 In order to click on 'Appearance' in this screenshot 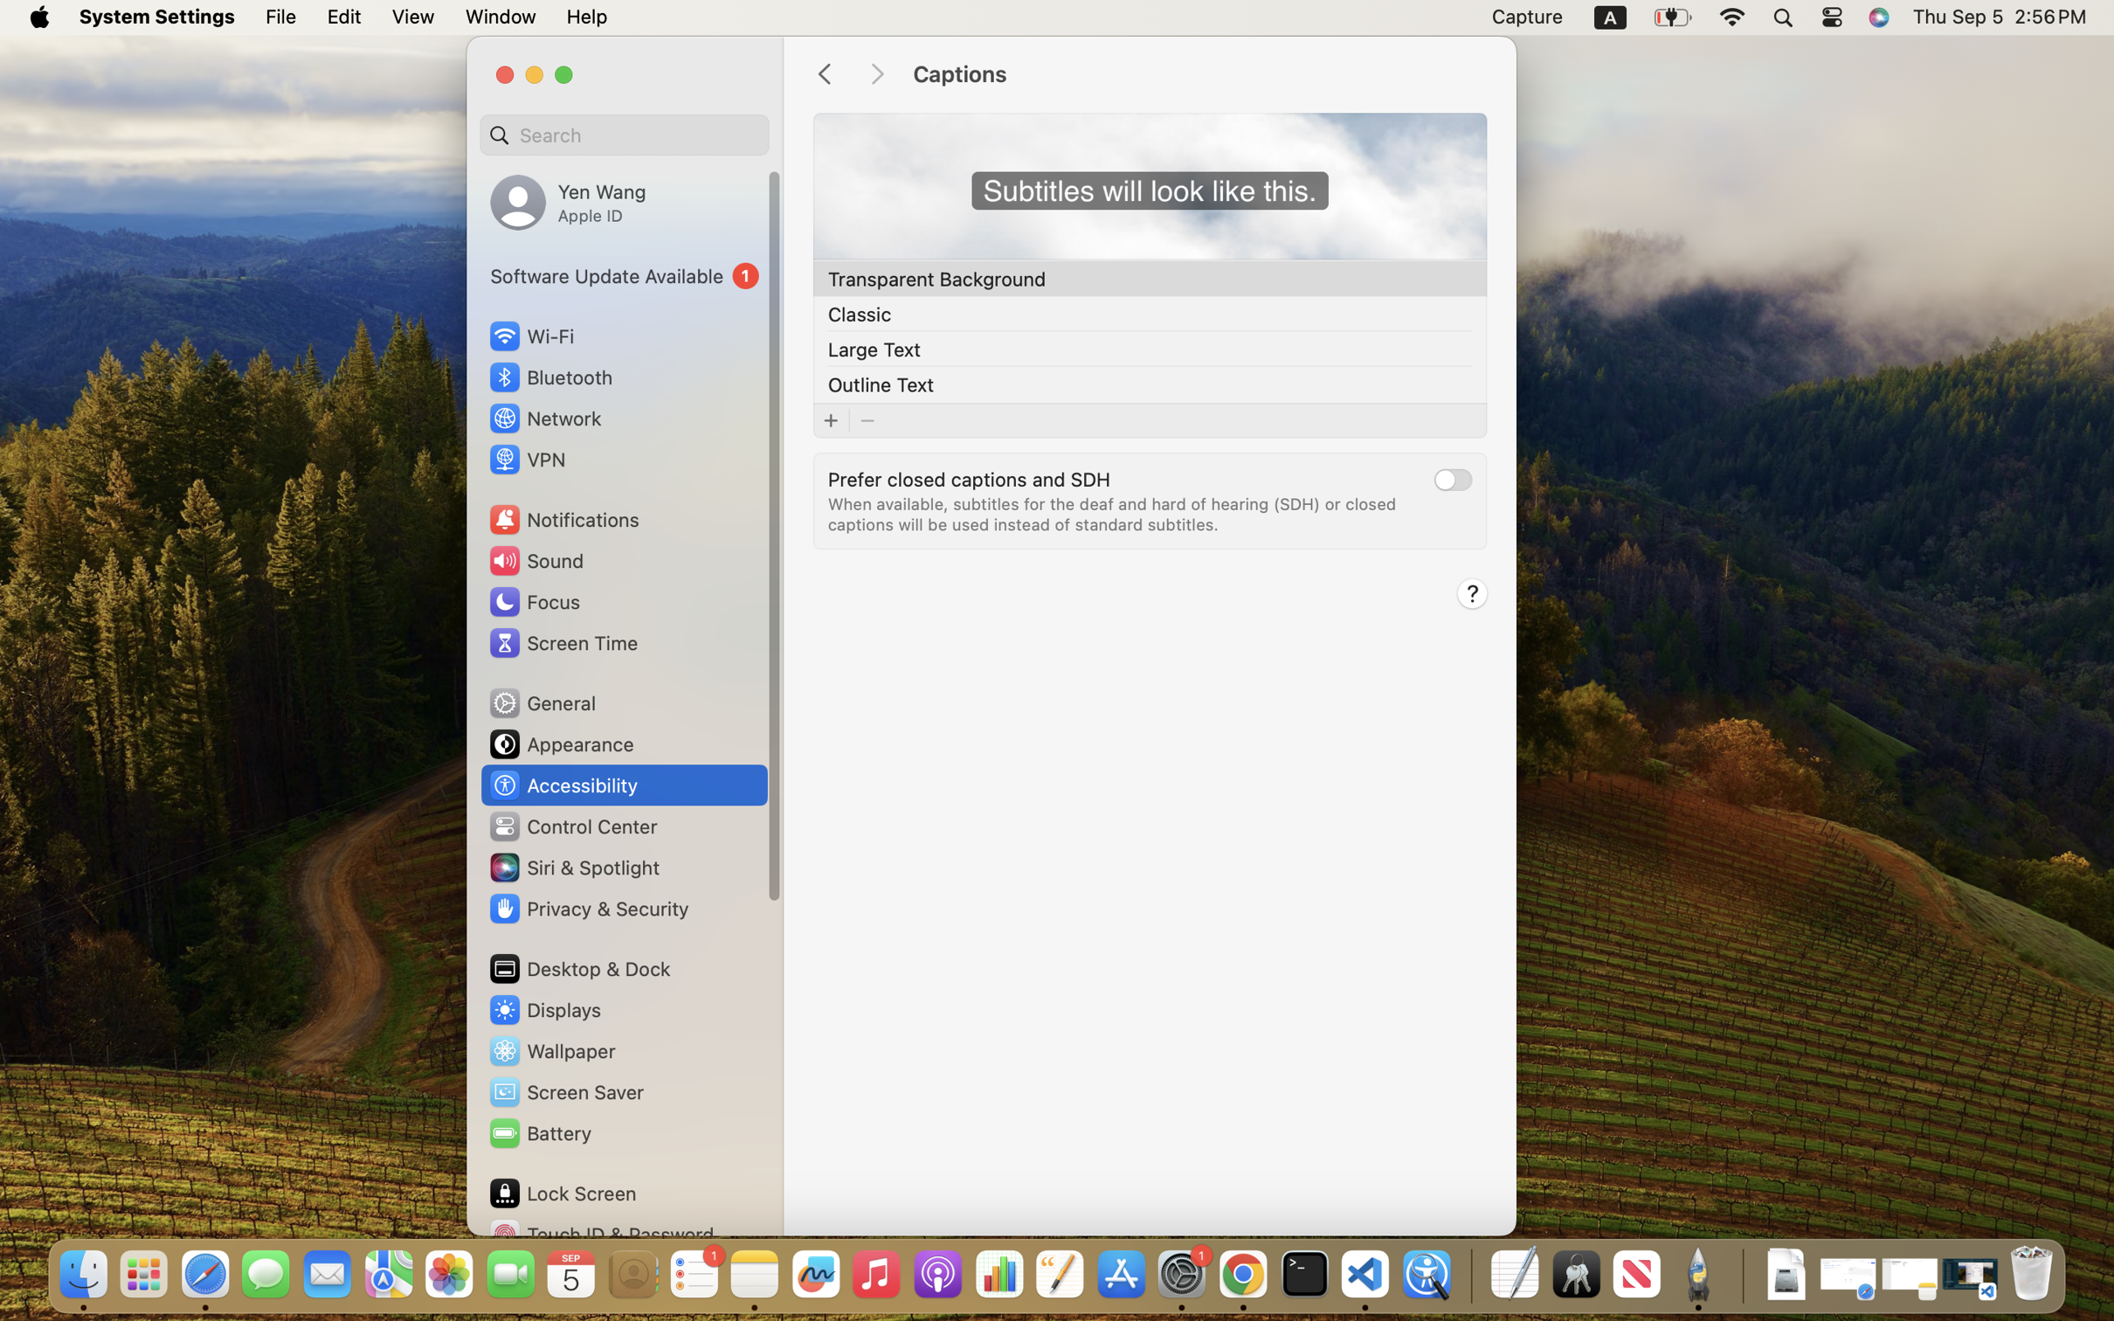, I will do `click(560, 743)`.